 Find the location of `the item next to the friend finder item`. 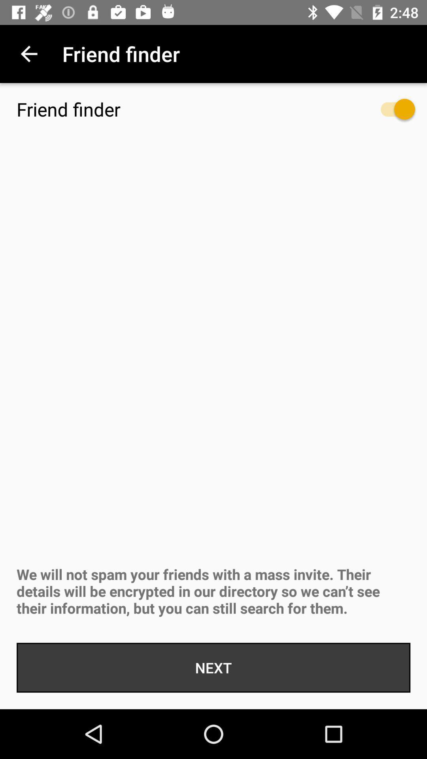

the item next to the friend finder item is located at coordinates (389, 113).